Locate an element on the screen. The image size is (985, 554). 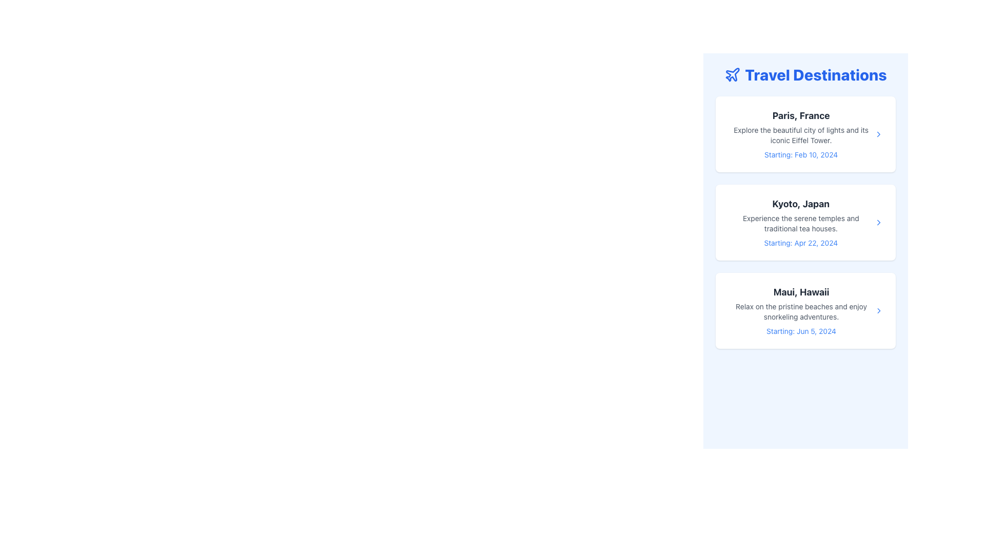
the text label displaying 'Starting: Feb 10, 2024', which is styled in a smaller font size and blue color, located under the heading 'Paris, France' is located at coordinates (800, 154).